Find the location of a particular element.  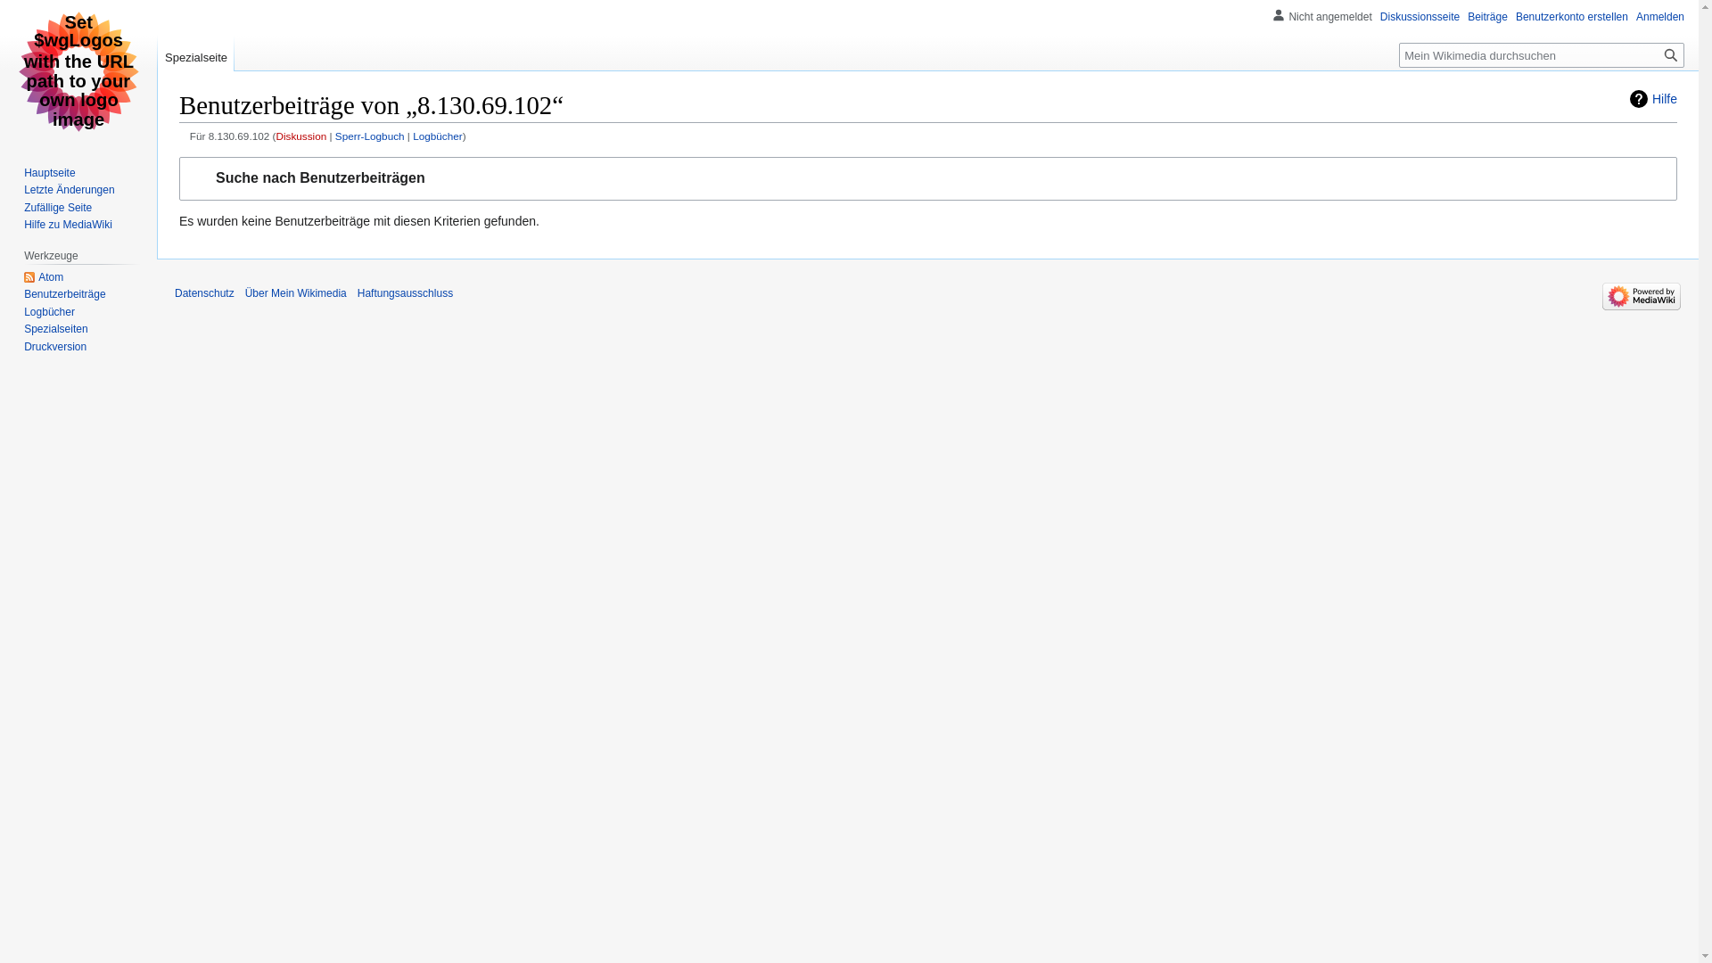

'Atom' is located at coordinates (43, 277).